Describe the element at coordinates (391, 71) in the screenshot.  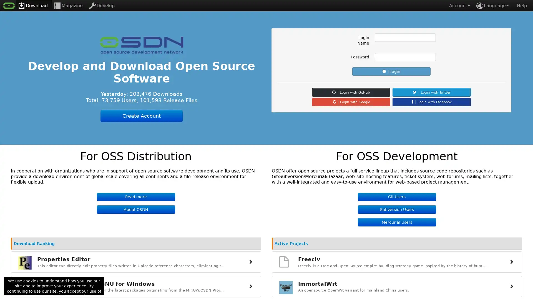
I see `Login` at that location.